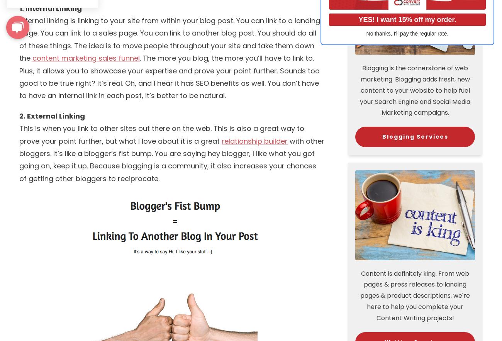 This screenshot has width=502, height=341. I want to click on 'content marketing sales funnel', so click(85, 58).